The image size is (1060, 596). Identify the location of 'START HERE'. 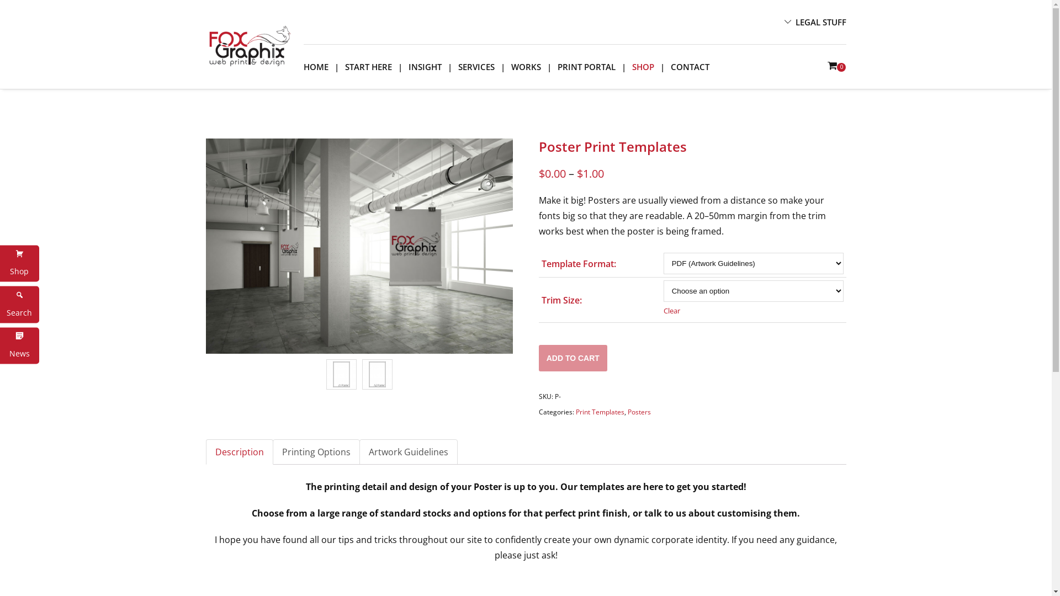
(368, 66).